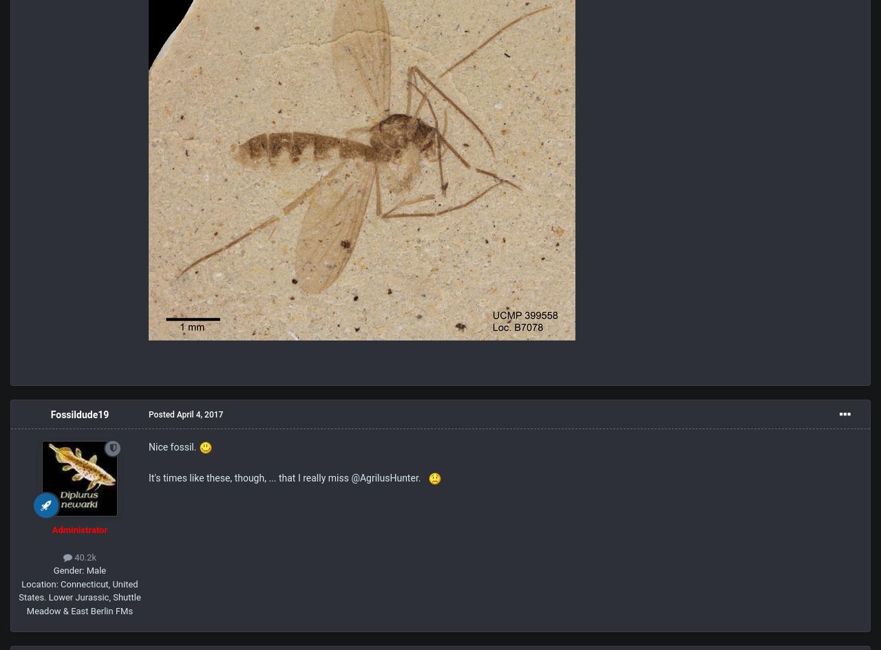 This screenshot has width=881, height=650. I want to click on 'Male', so click(94, 570).